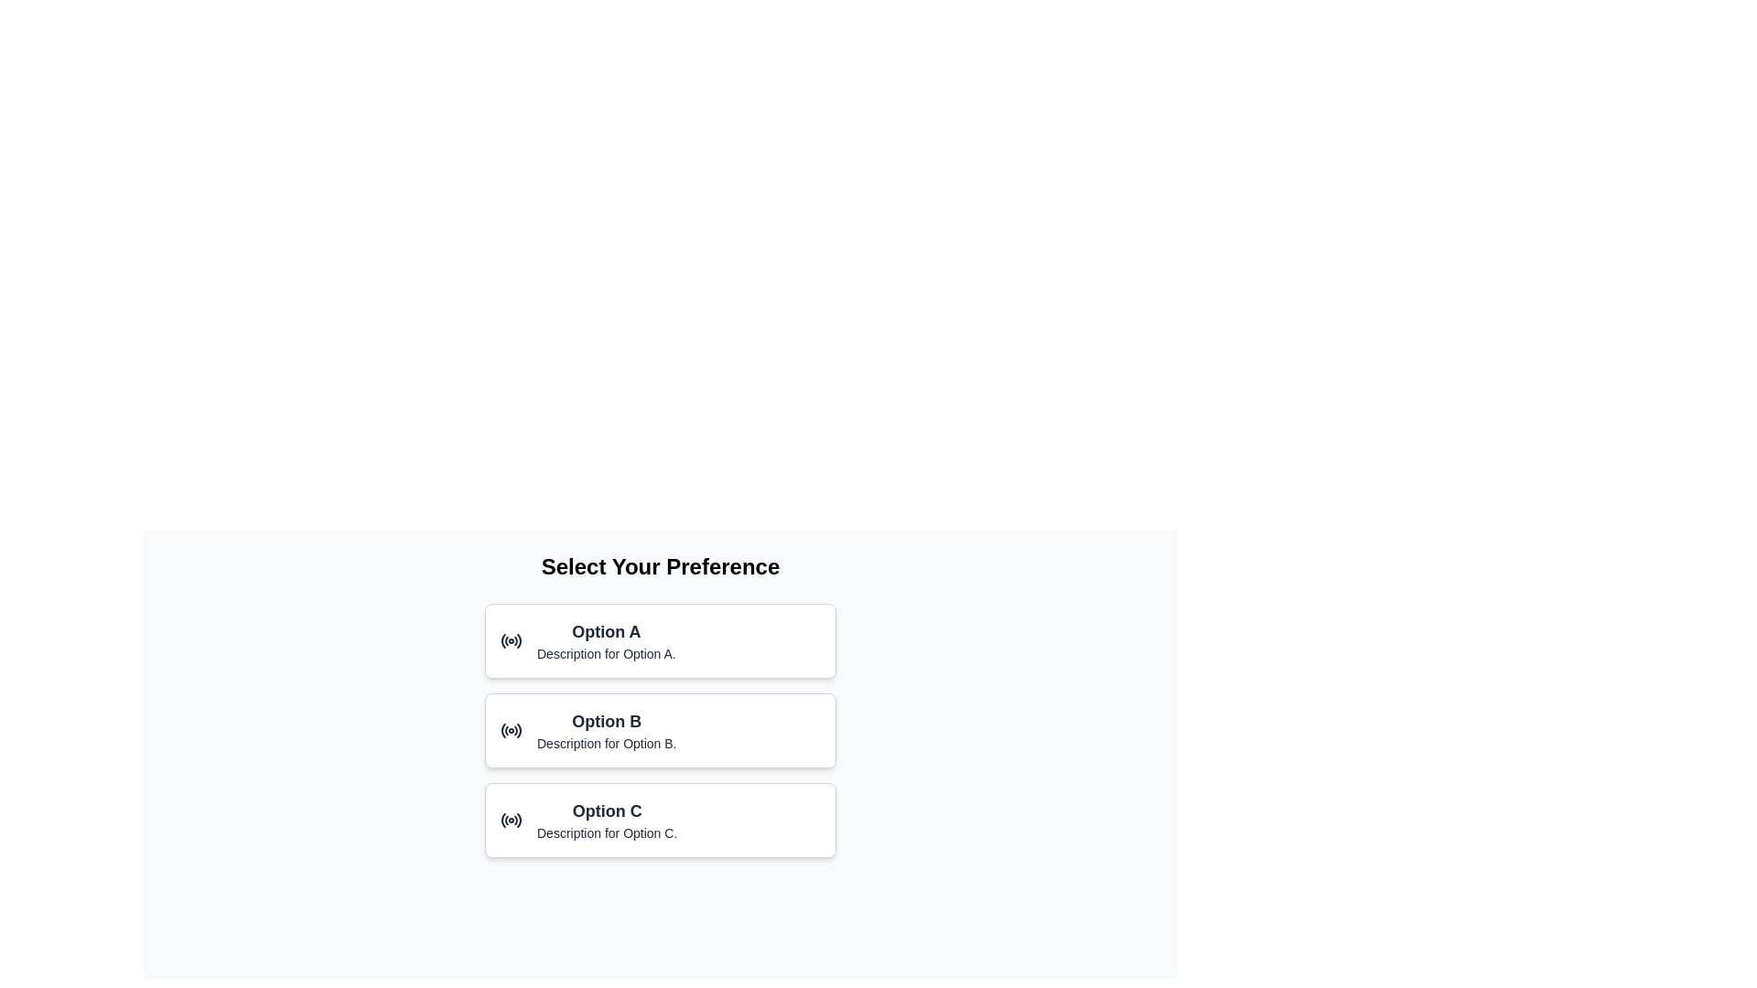 Image resolution: width=1757 pixels, height=988 pixels. What do you see at coordinates (511, 729) in the screenshot?
I see `the radio button-like icon located on the left side of the rectangular box labeled 'Option B'` at bounding box center [511, 729].